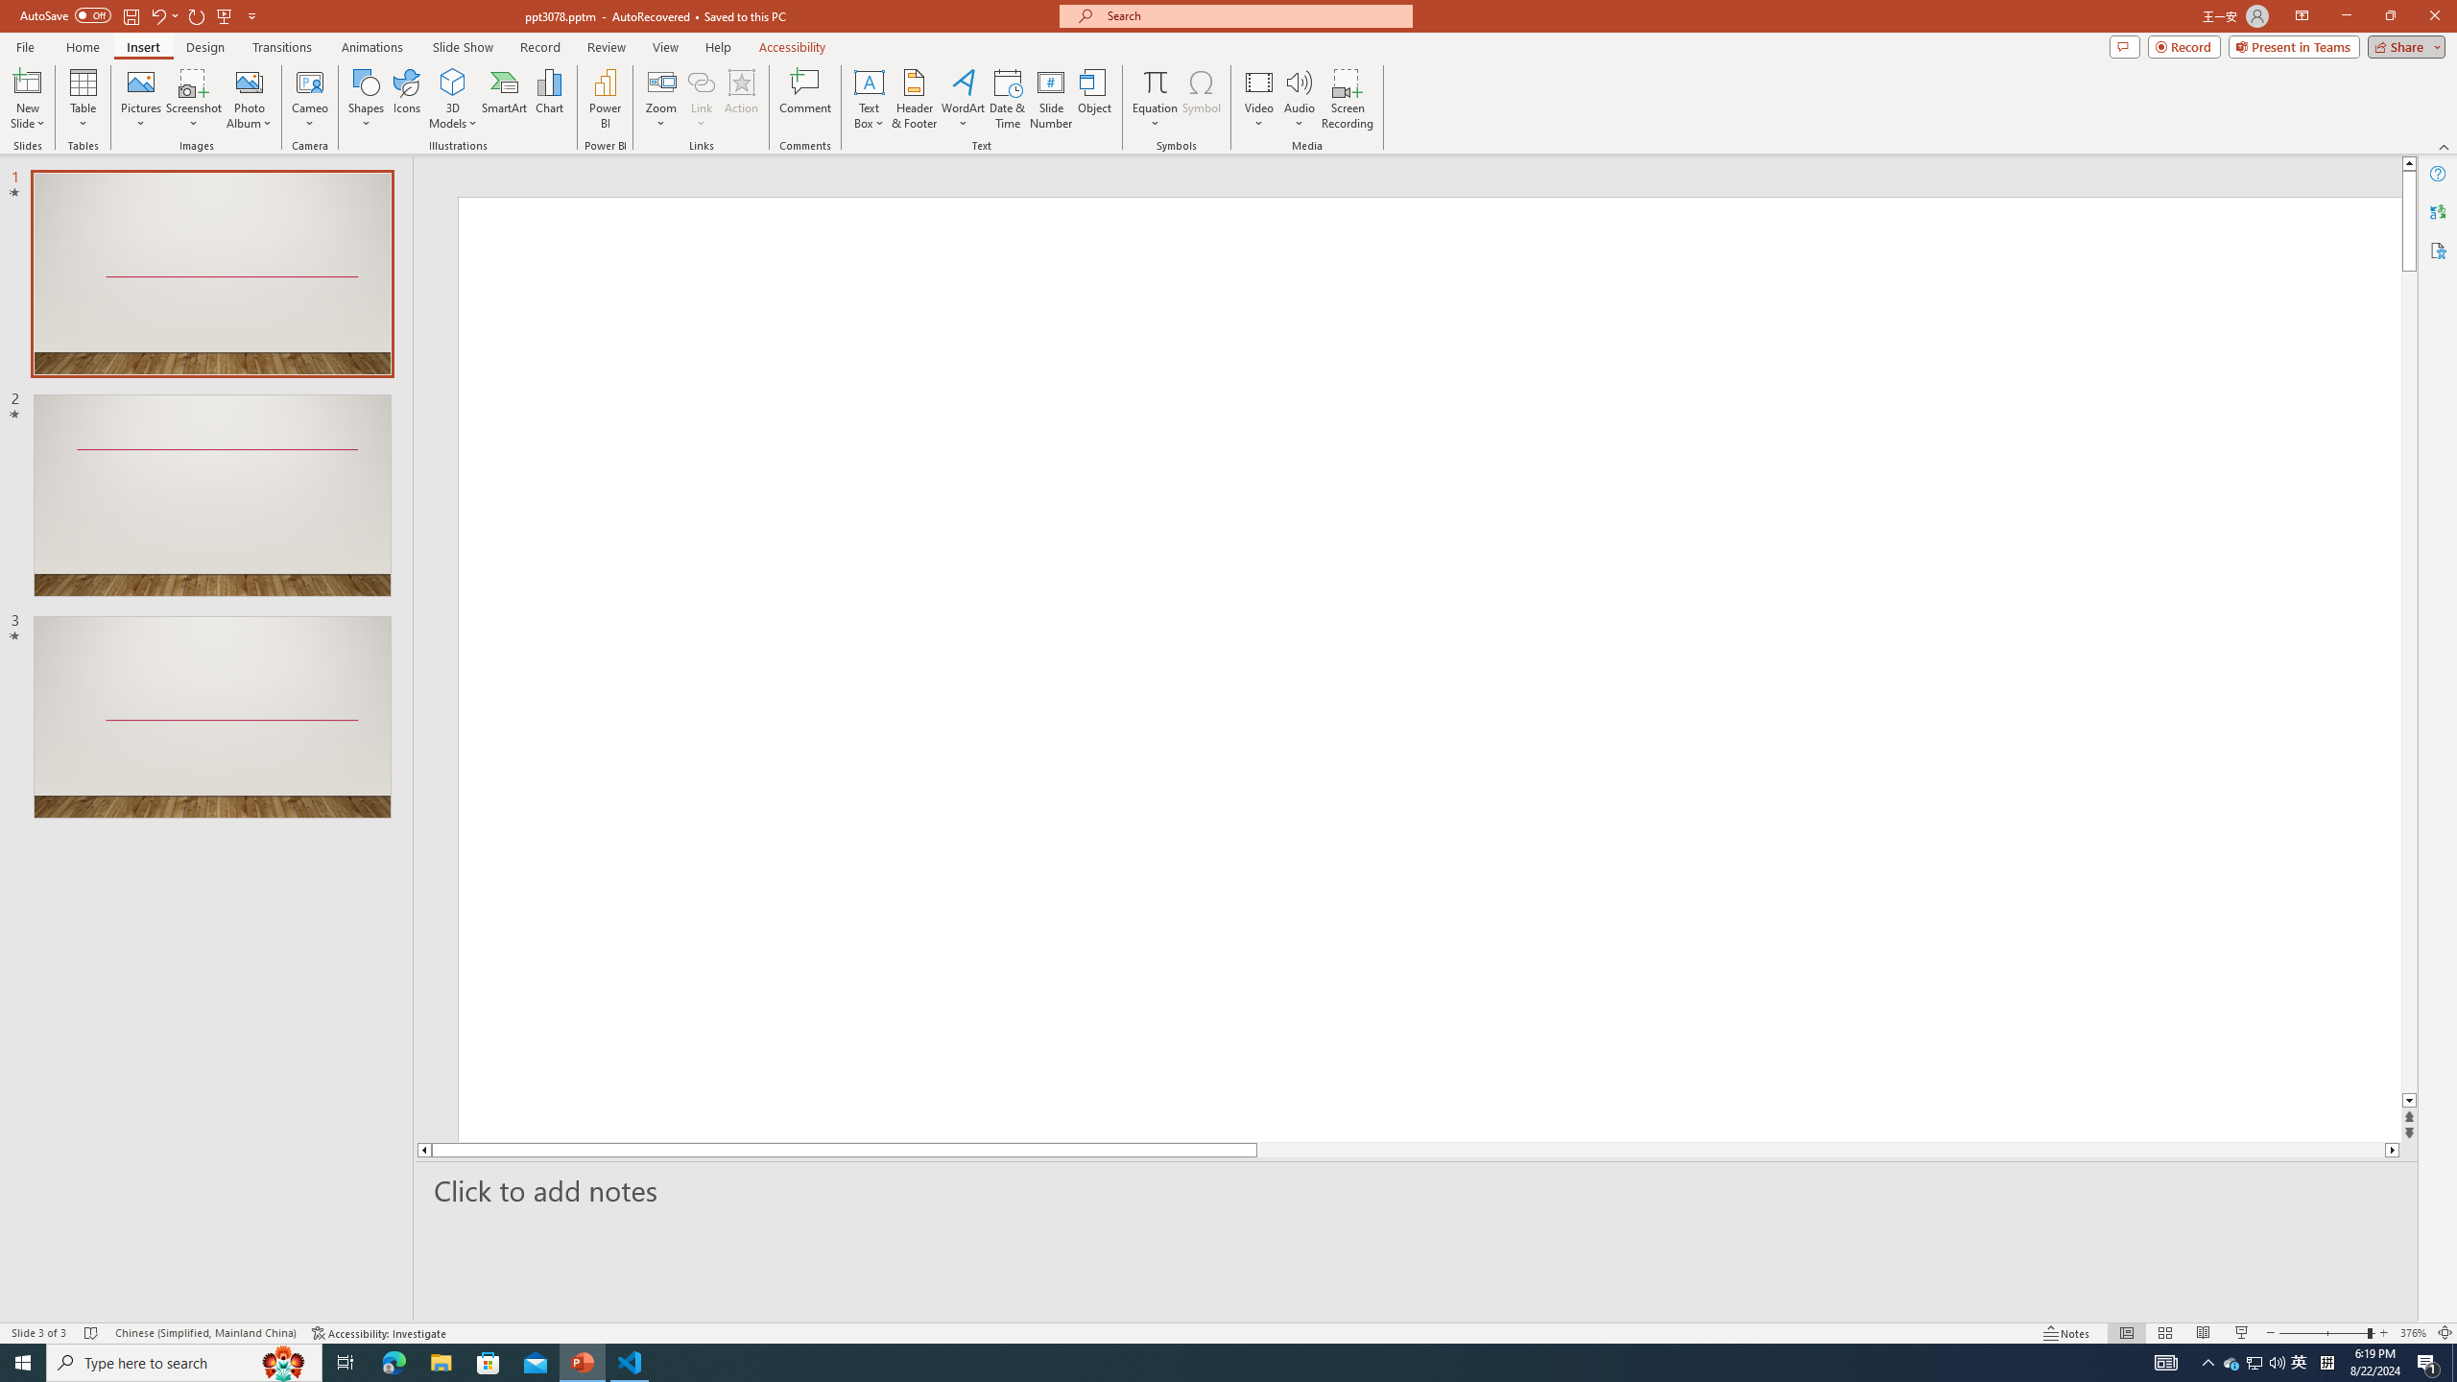 Image resolution: width=2457 pixels, height=1382 pixels. Describe the element at coordinates (504, 99) in the screenshot. I see `'SmartArt...'` at that location.